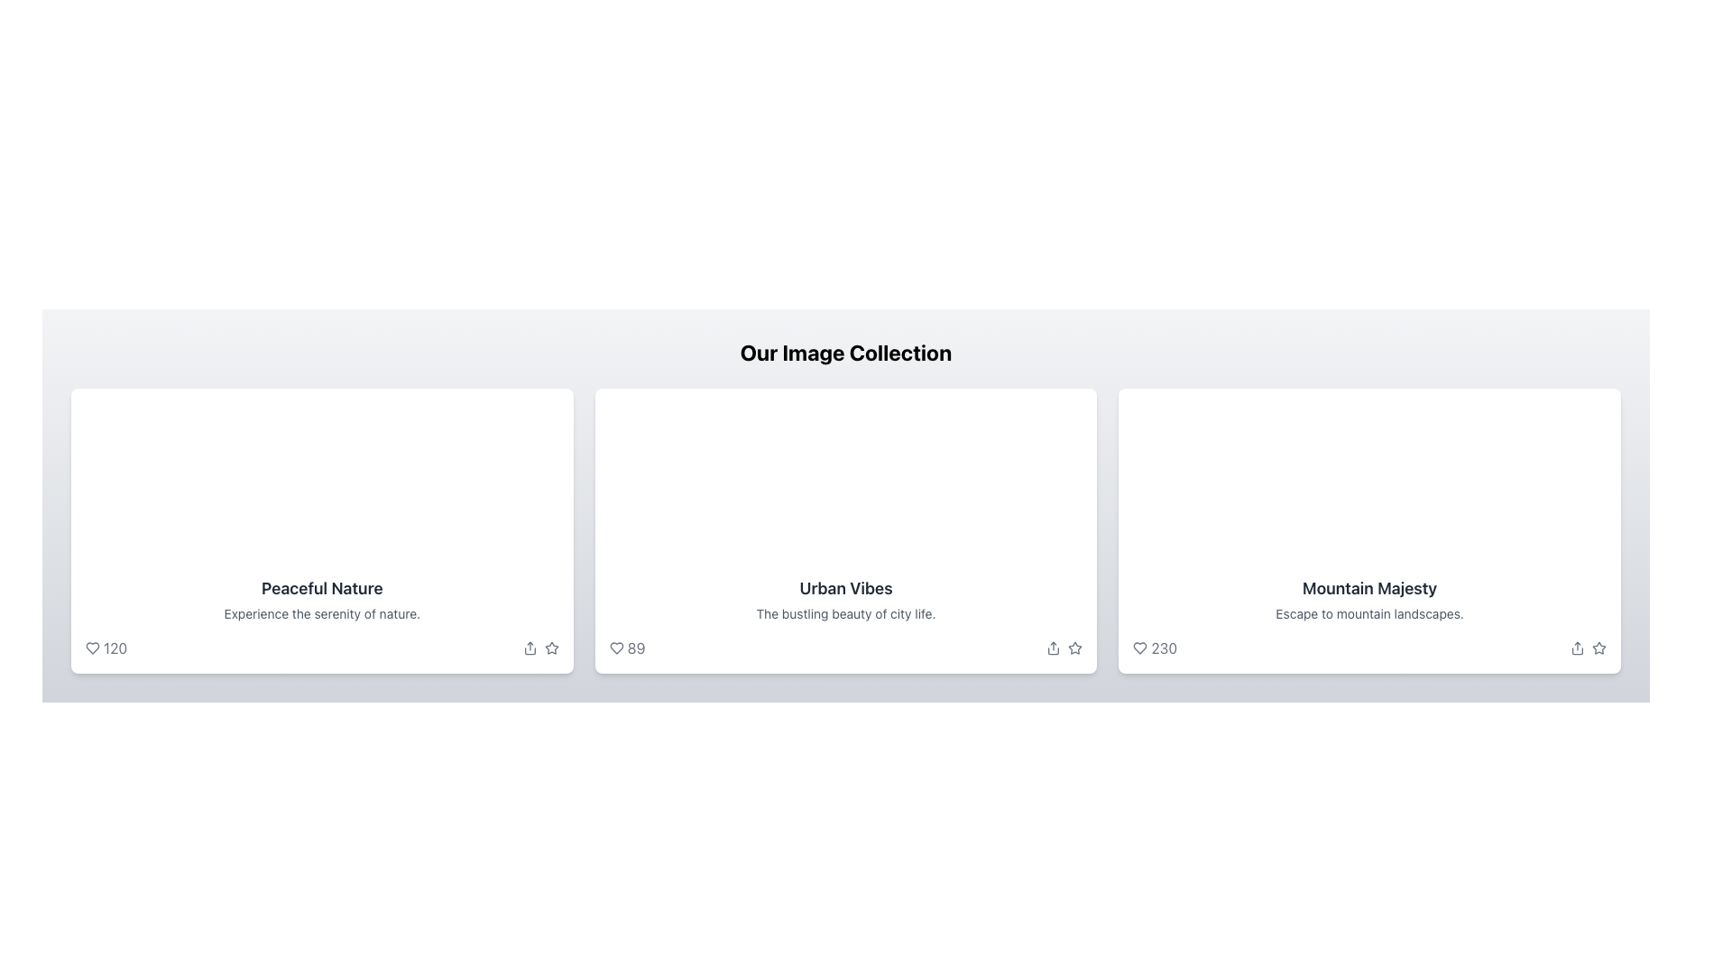  What do you see at coordinates (1369, 474) in the screenshot?
I see `properties of the background image within the 'Mountain Majesty' card layout, located in the upper part of the card` at bounding box center [1369, 474].